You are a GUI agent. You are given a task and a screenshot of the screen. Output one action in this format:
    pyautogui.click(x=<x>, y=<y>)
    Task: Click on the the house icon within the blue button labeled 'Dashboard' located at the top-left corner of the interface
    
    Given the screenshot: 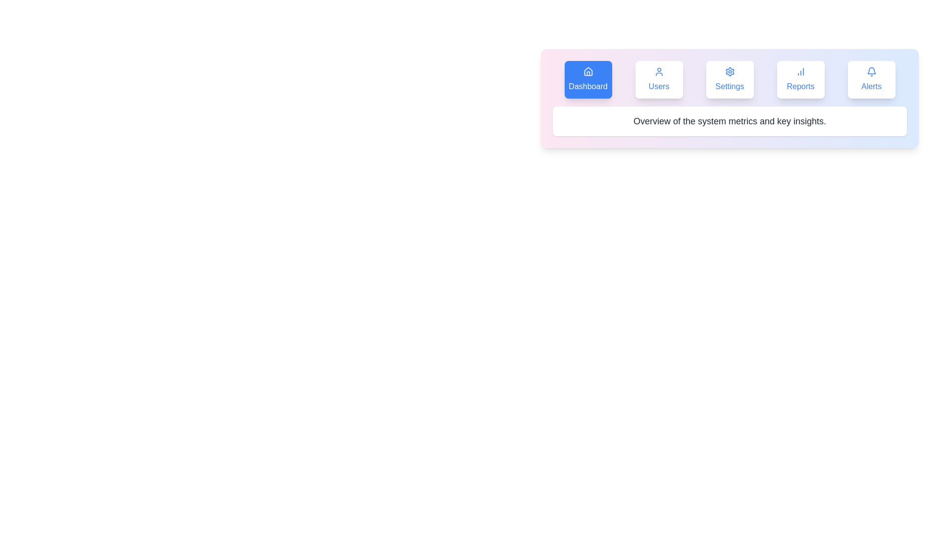 What is the action you would take?
    pyautogui.click(x=588, y=71)
    